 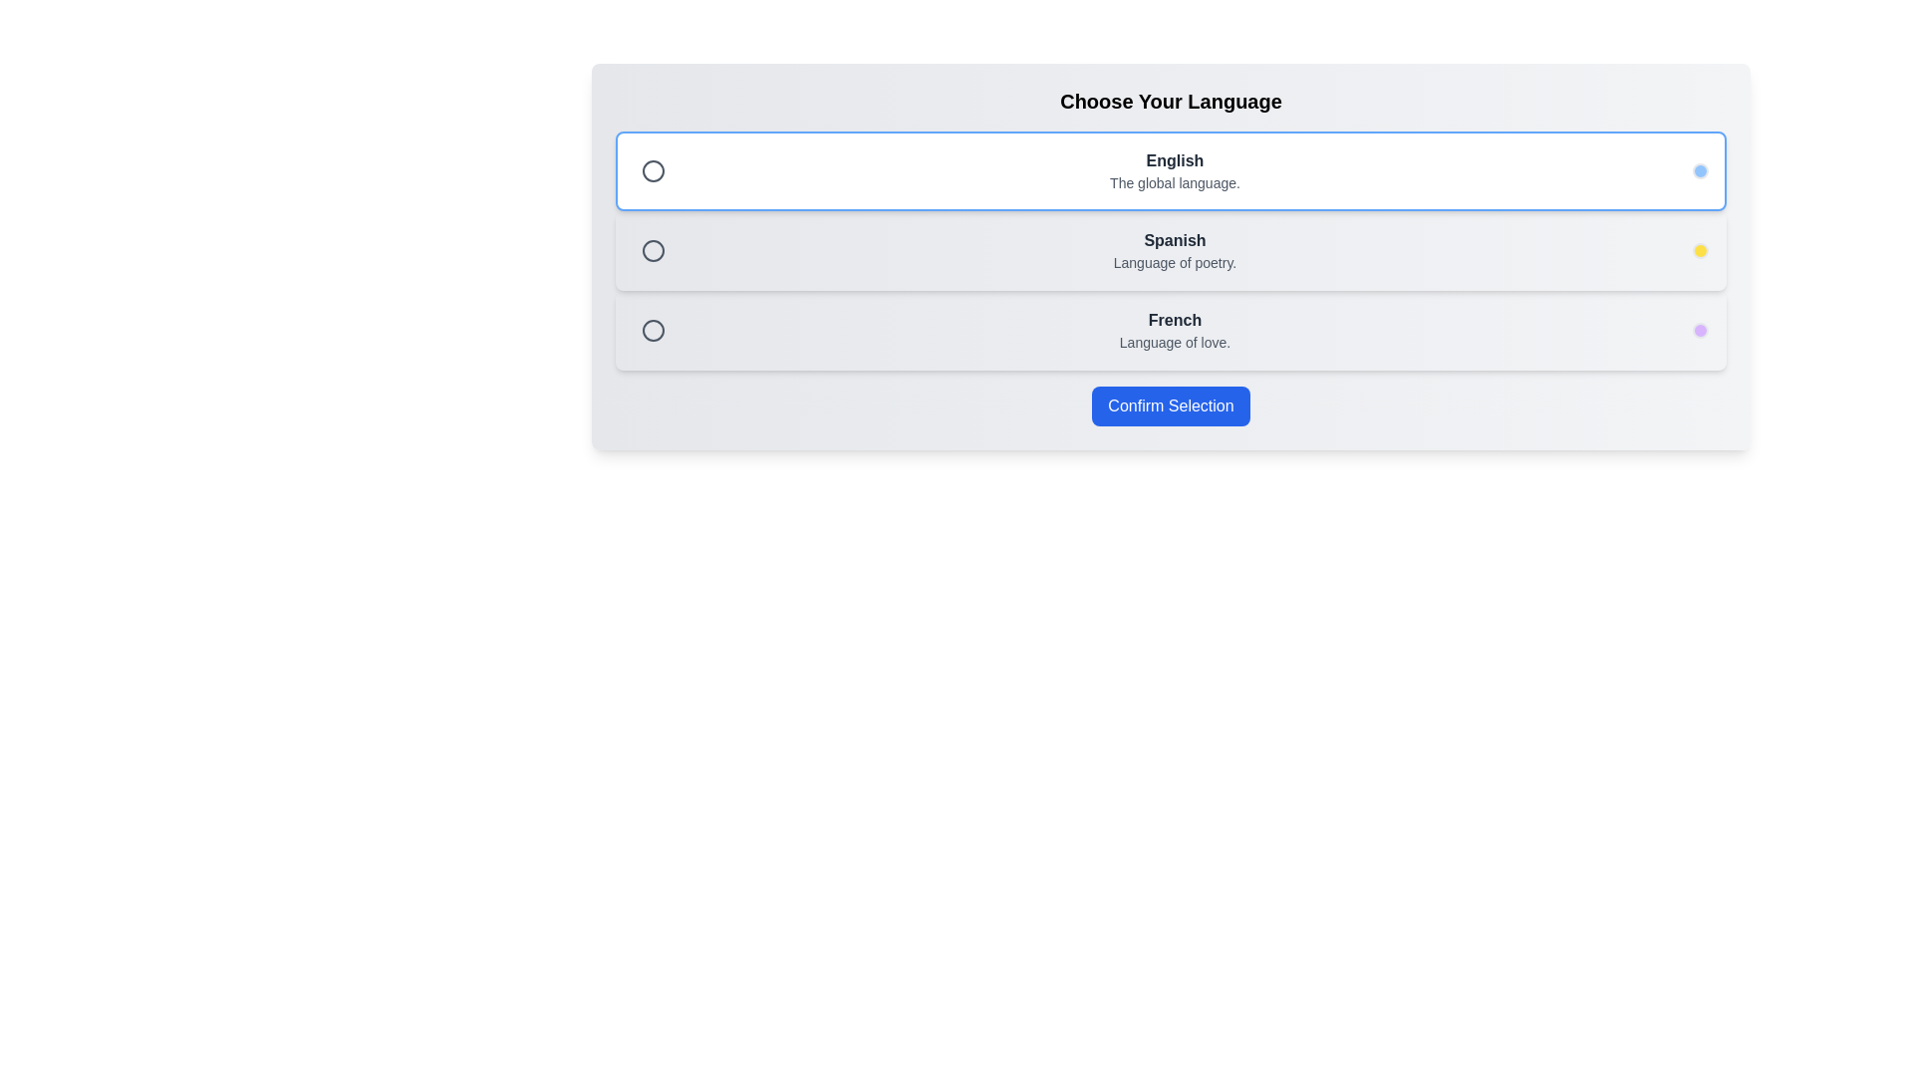 What do you see at coordinates (1175, 341) in the screenshot?
I see `the descriptive text element located below the 'French' language option, which provides additional context about the selection` at bounding box center [1175, 341].